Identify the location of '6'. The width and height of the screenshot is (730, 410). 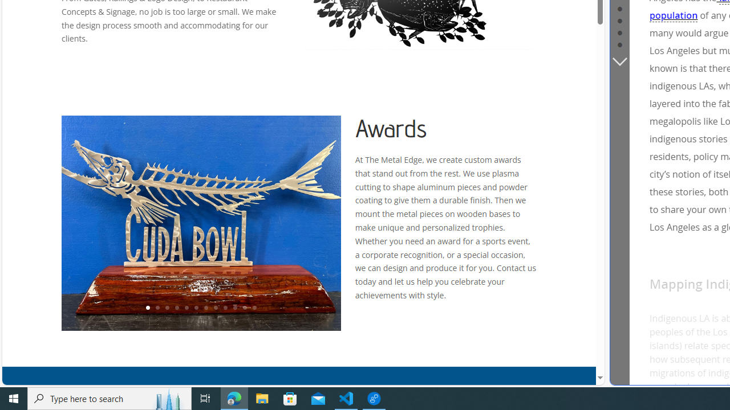
(196, 308).